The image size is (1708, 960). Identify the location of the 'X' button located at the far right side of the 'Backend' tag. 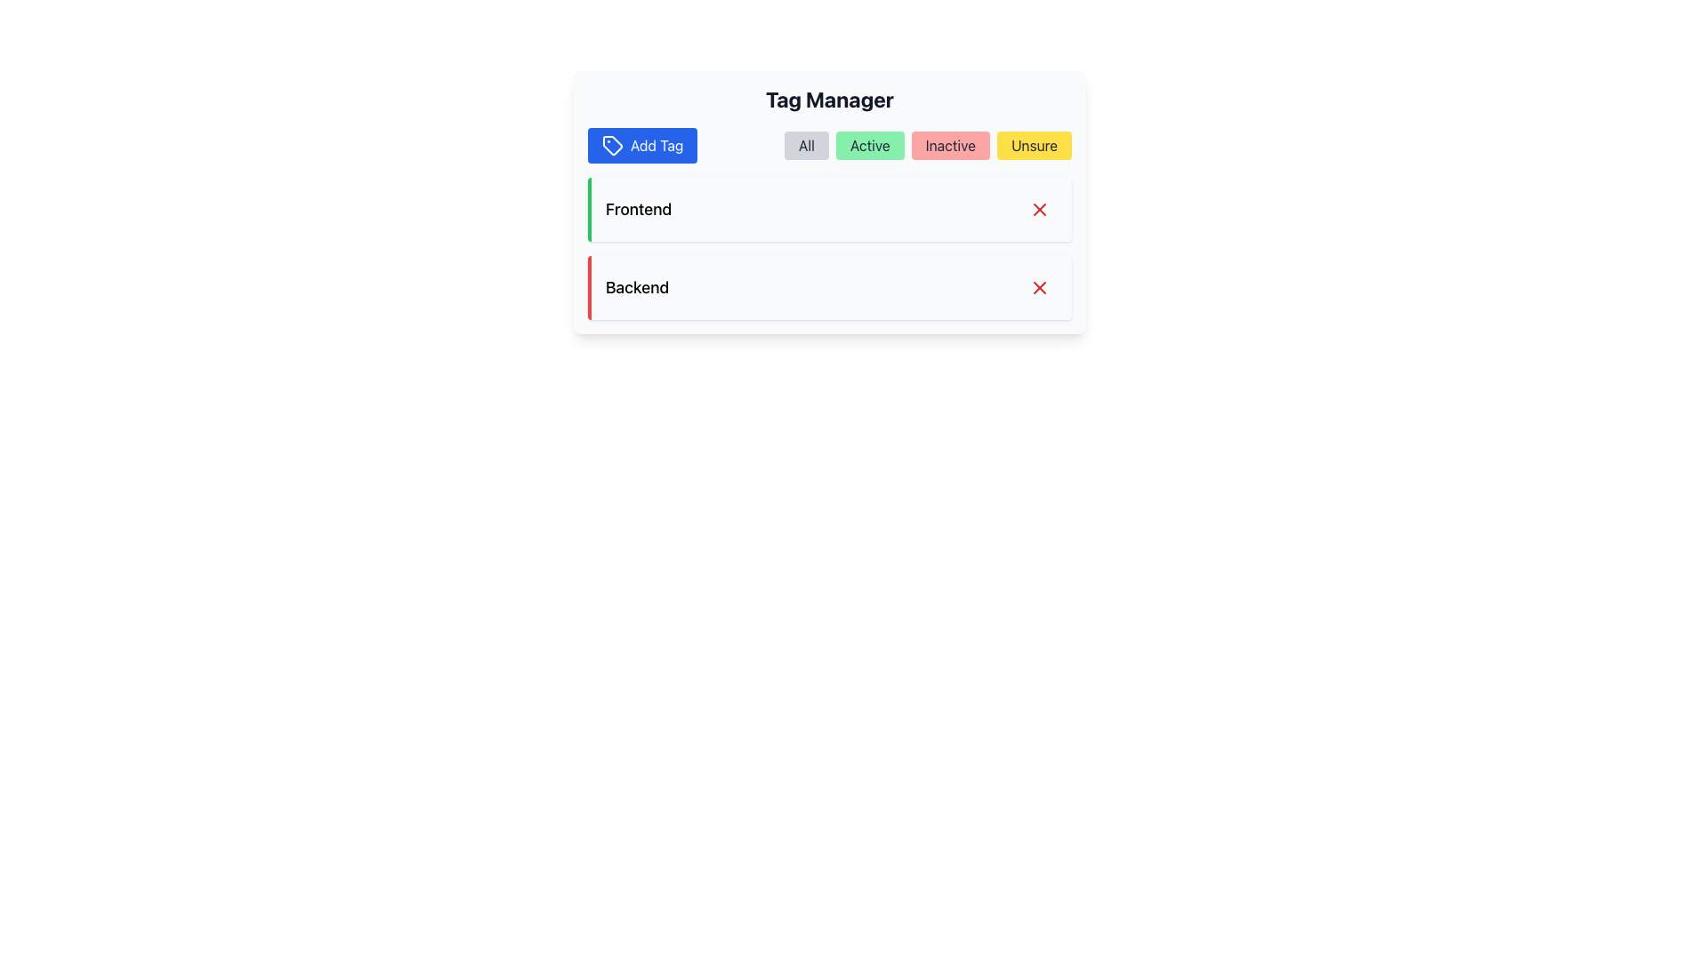
(1040, 287).